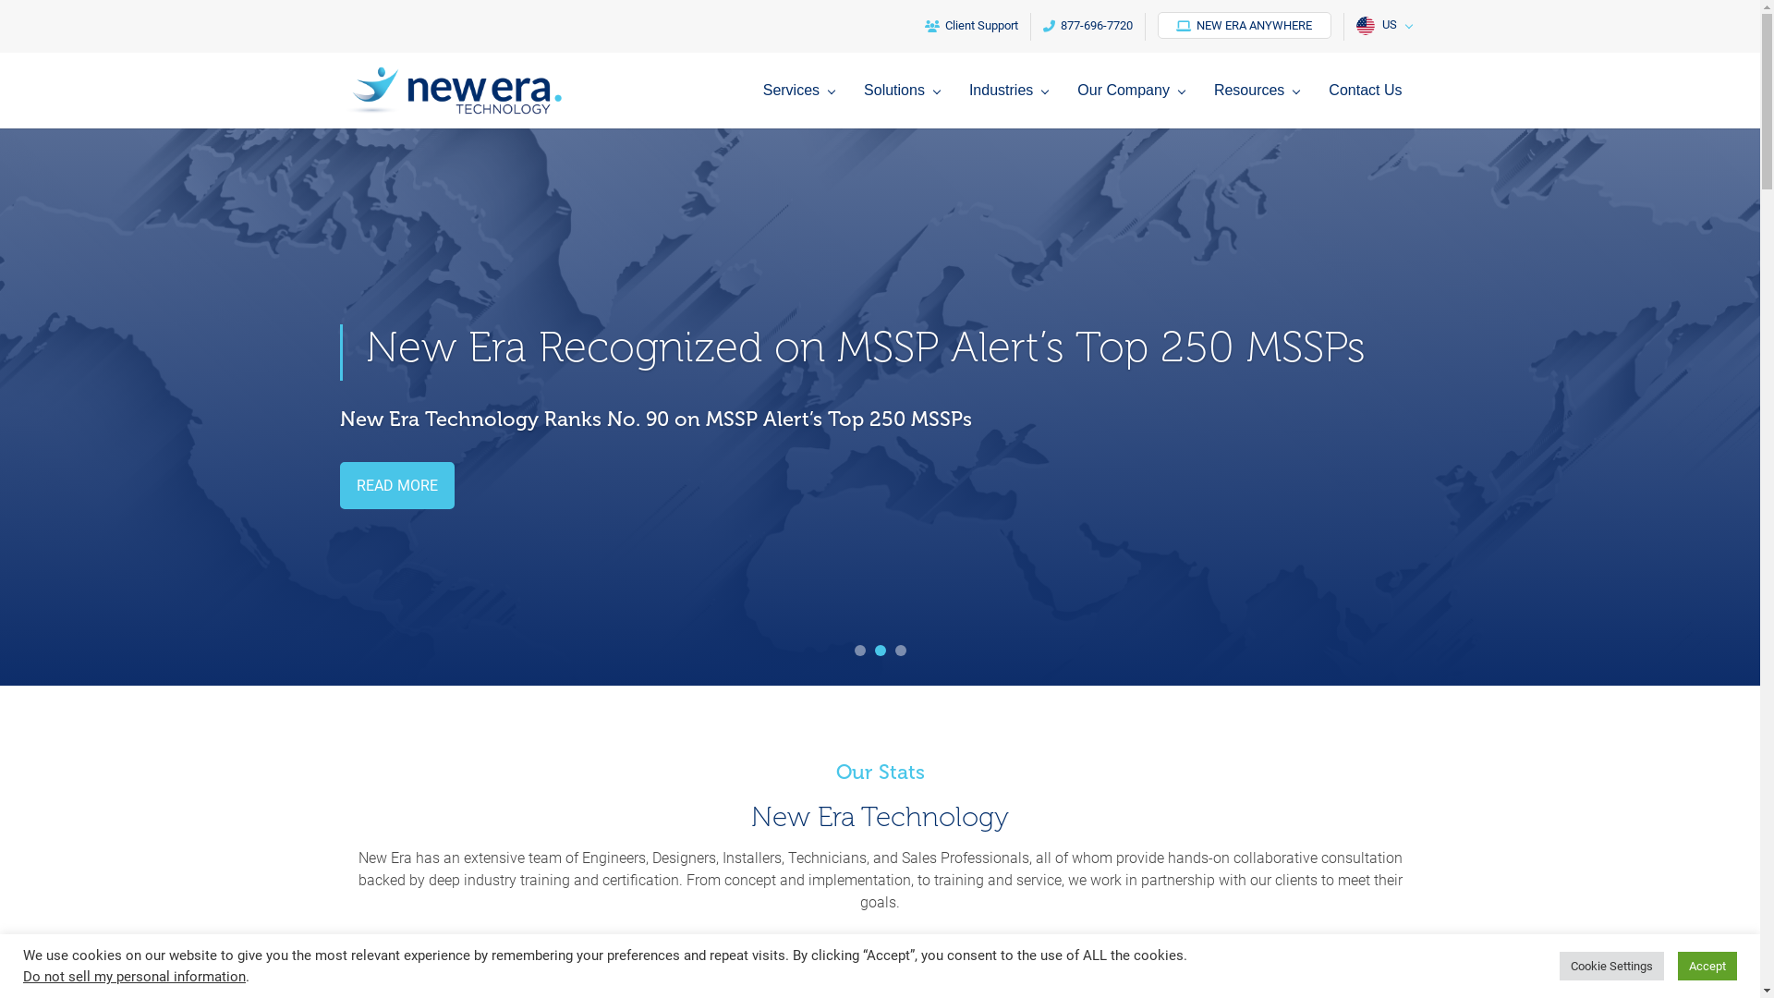 The width and height of the screenshot is (1774, 998). What do you see at coordinates (482, 484) in the screenshot?
I see `'EXPLORE DIGITAL TRANSFORMATION'` at bounding box center [482, 484].